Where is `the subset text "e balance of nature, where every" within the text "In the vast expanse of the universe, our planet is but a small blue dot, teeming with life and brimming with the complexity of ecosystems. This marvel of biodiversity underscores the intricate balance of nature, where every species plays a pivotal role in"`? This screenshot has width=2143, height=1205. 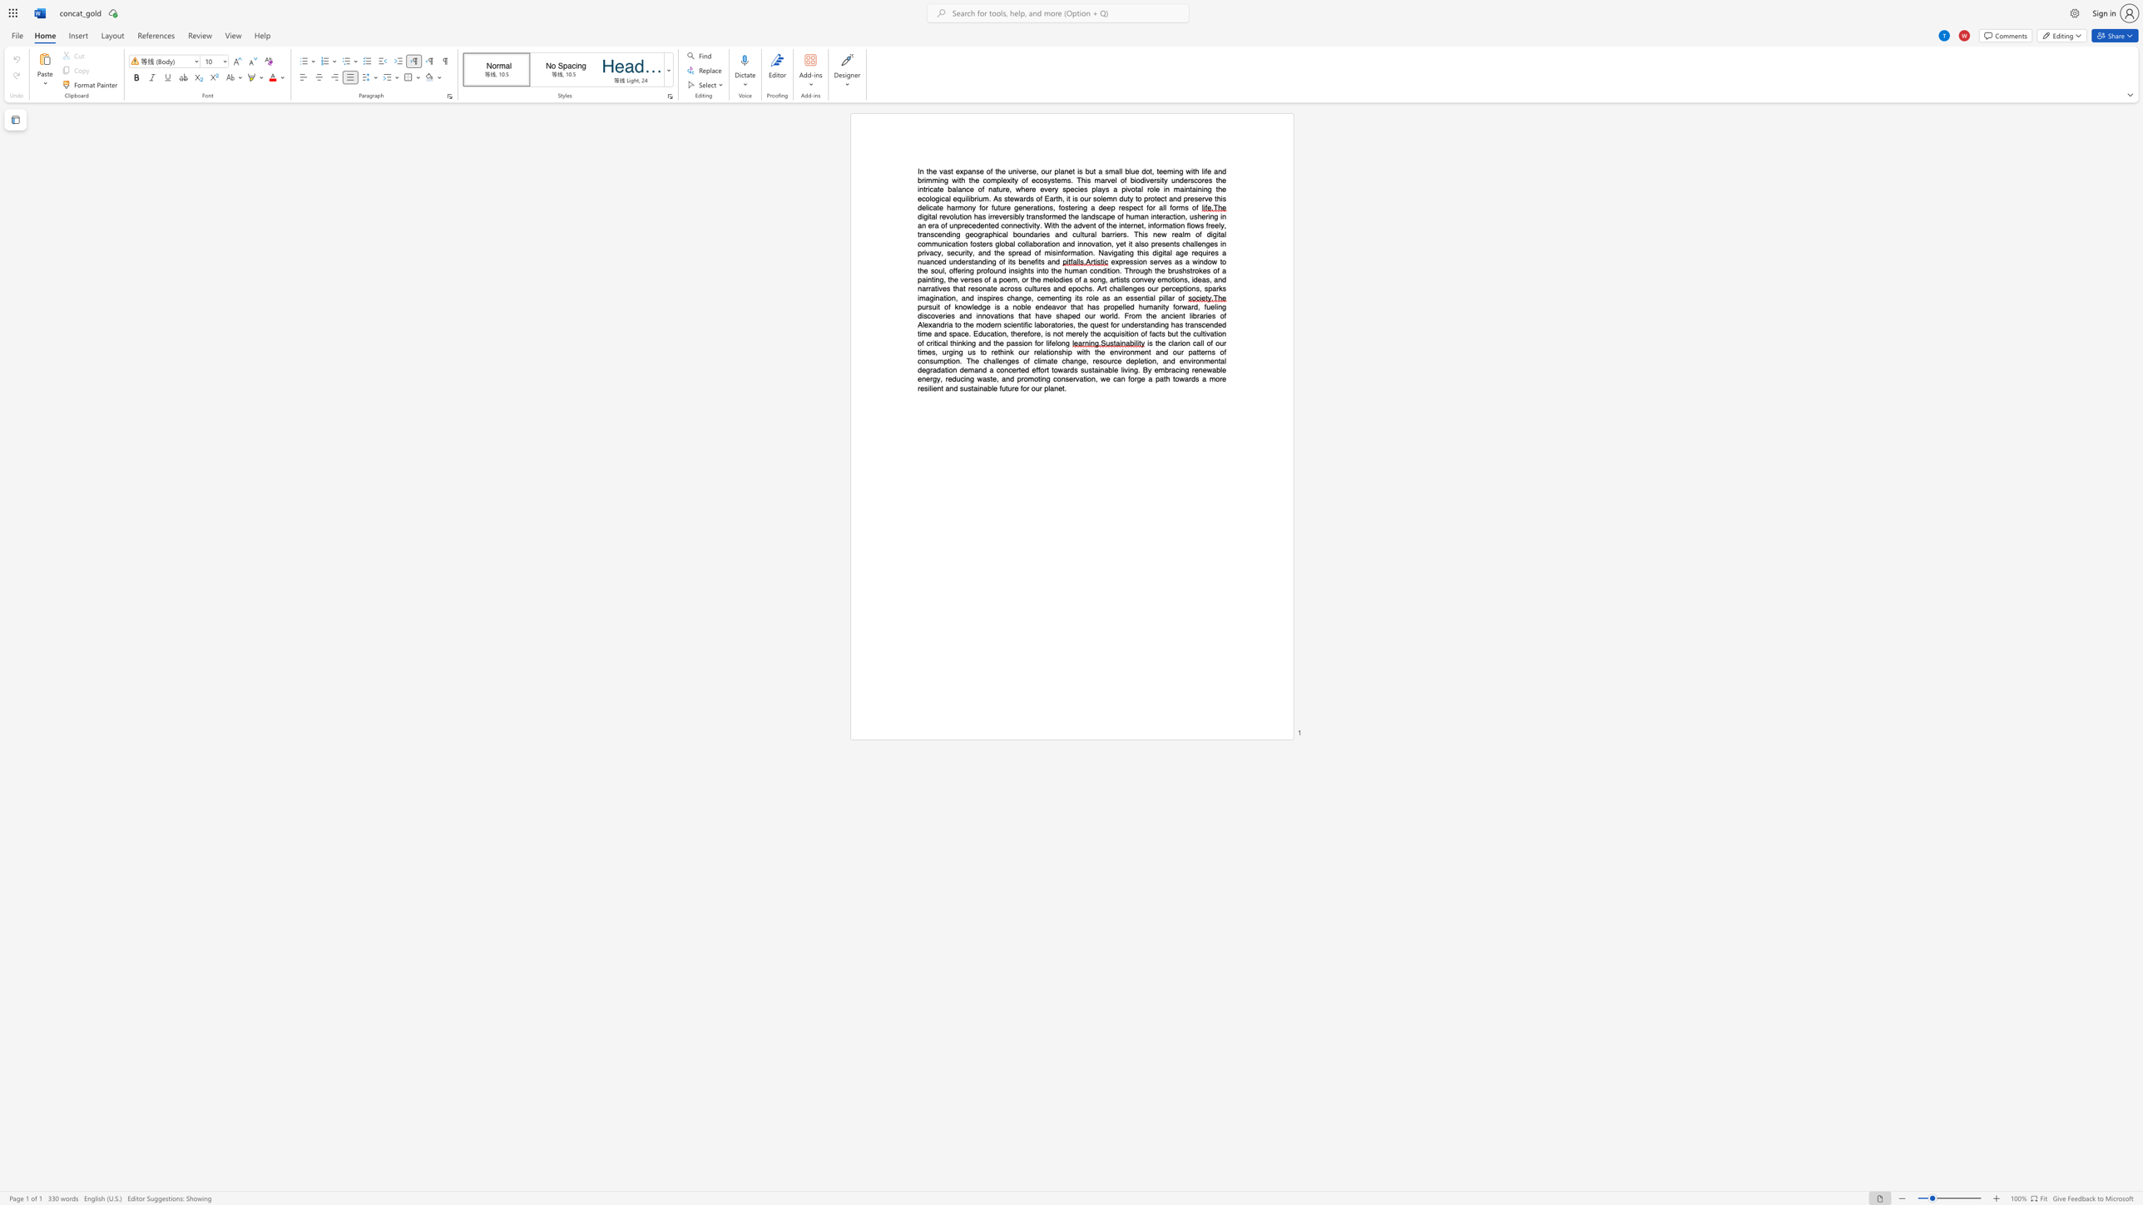
the subset text "e balance of nature, where every" within the text "In the vast expanse of the universe, our planet is but a small blue dot, teeming with life and brimming with the complexity of ecosystems. This marvel of biodiversity underscores the intricate balance of nature, where every species plays a pivotal role in" is located at coordinates (938, 188).